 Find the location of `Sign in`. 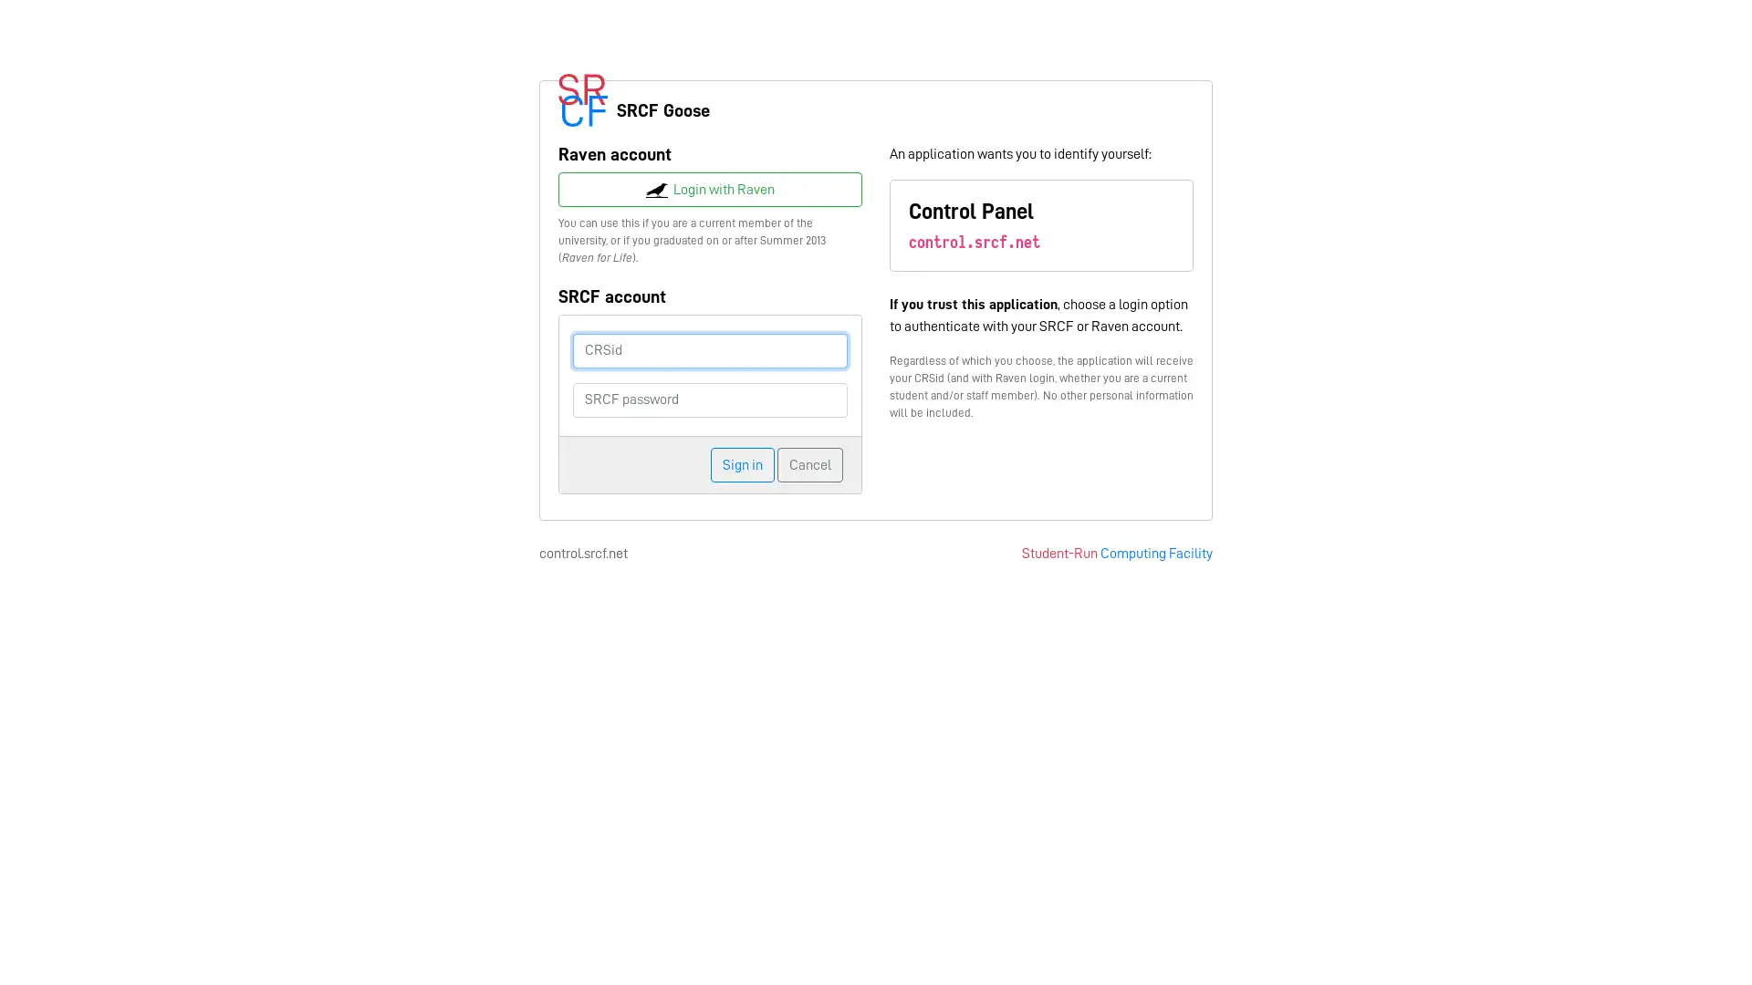

Sign in is located at coordinates (743, 463).